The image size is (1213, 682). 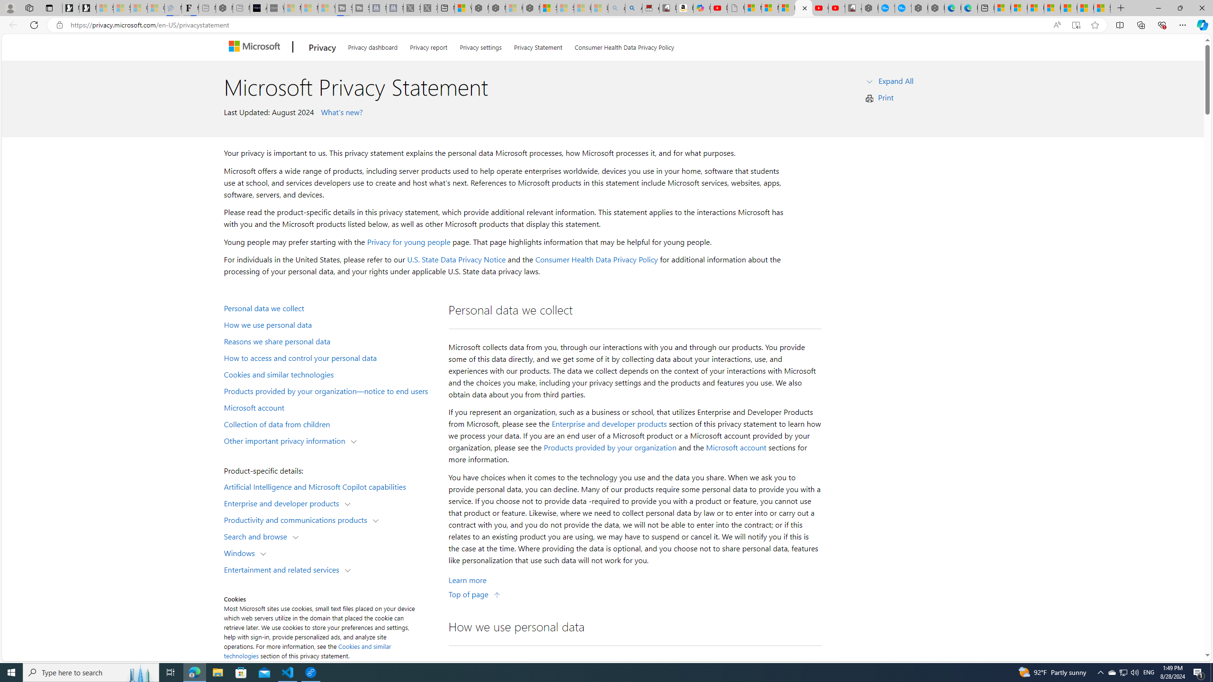 What do you see at coordinates (344, 8) in the screenshot?
I see `'Streaming Coverage | T3 - Sleeping'` at bounding box center [344, 8].